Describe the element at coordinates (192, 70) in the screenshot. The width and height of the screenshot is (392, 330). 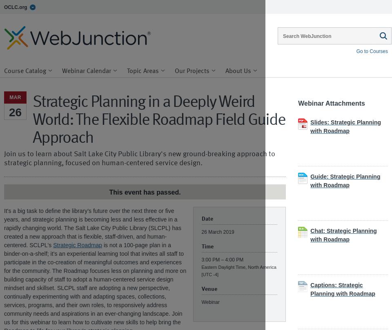
I see `'Our Projects'` at that location.